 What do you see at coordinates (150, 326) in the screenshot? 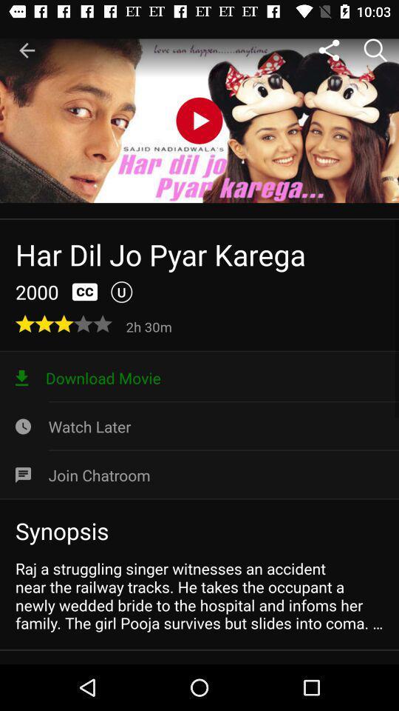
I see `the icon below u item` at bounding box center [150, 326].